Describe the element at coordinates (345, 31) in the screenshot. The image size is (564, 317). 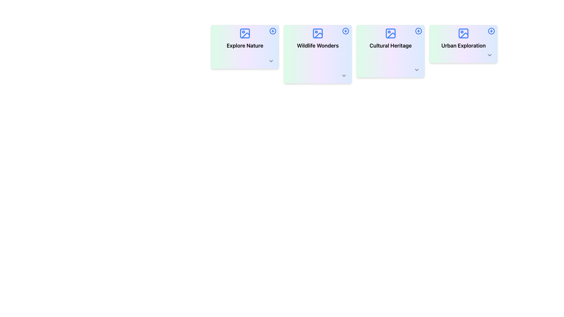
I see `the button located at the top-right corner of the 'Wildlife Wonders' card` at that location.